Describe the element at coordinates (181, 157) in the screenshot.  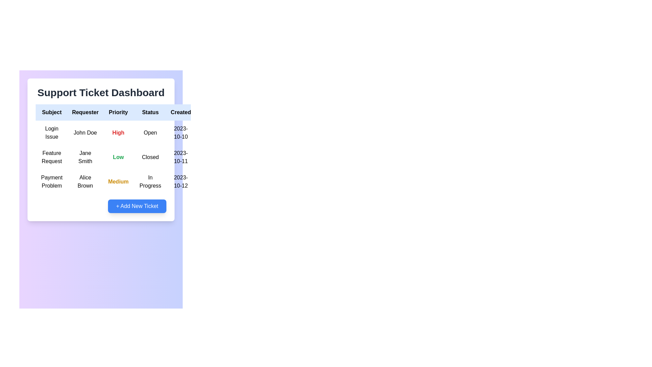
I see `the text display showing the date '2023-10-11' in the last column under the 'Created' header of the table, which is aligned with the 'Feature Request' entry in the second row` at that location.